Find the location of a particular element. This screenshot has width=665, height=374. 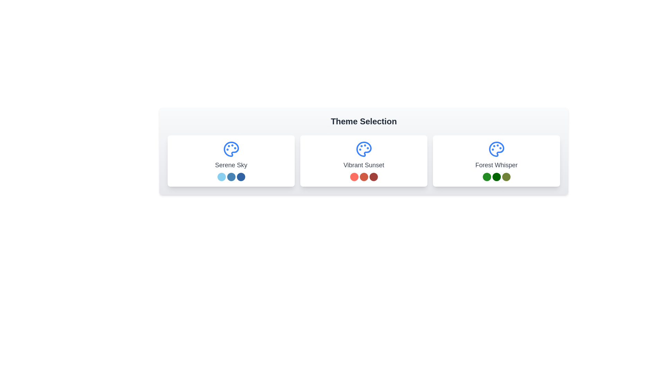

the blue painter's palette icon located in the first card labeled 'Serene Sky', which is positioned above the text 'Serene Sky' and the blue circular indicators is located at coordinates (231, 149).